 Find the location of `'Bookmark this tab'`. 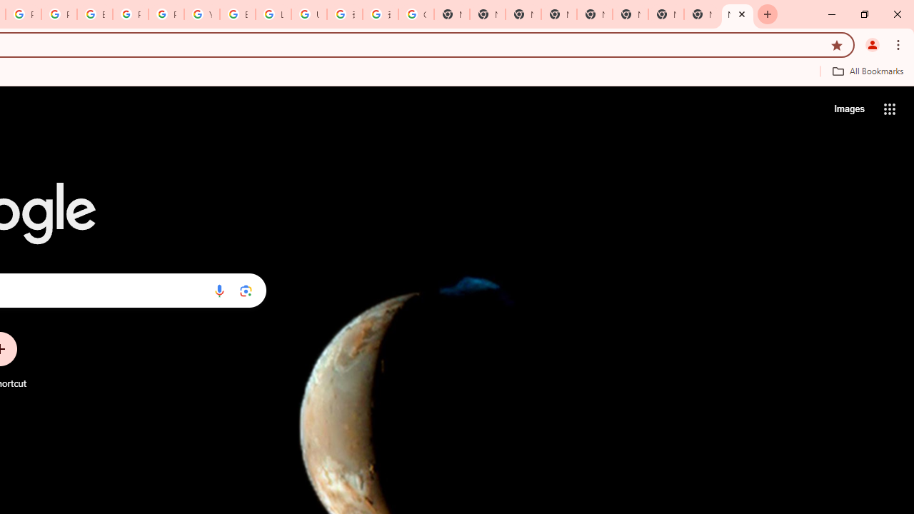

'Bookmark this tab' is located at coordinates (836, 44).